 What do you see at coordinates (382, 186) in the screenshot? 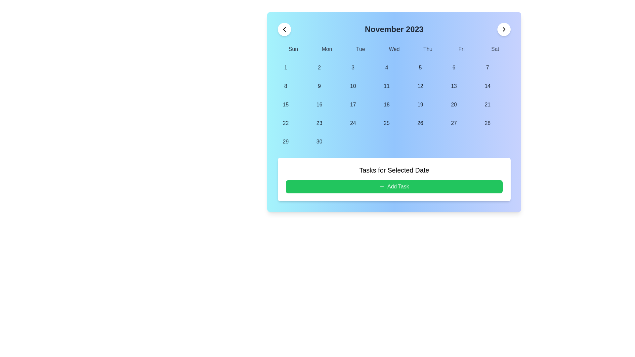
I see `the plus sign icon inside the green 'Add Task' button, which is located beneath the calendar and aligned to the left of the 'Add Task' text` at bounding box center [382, 186].